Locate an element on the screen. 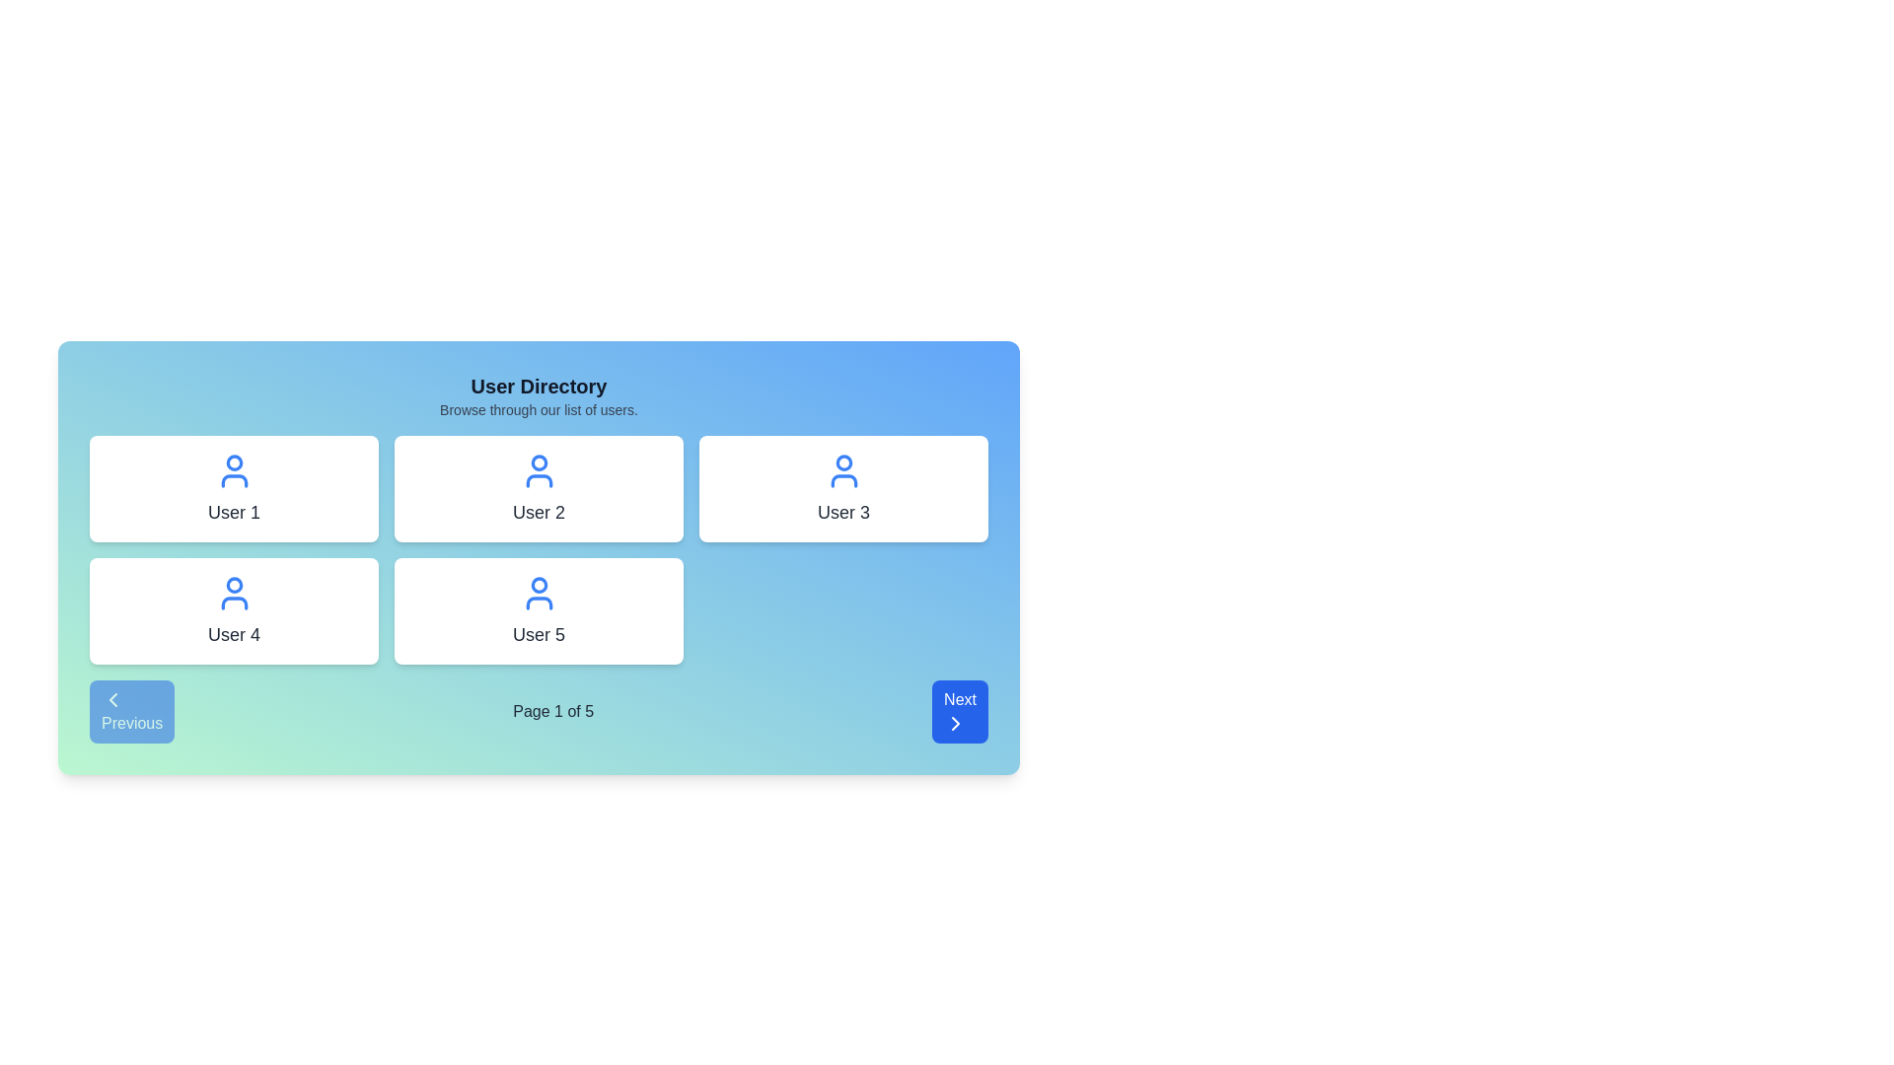 This screenshot has height=1065, width=1894. the pagination control button located at the bottom-right corner of the interface, which enables navigation to the next page of displayed content is located at coordinates (960, 711).